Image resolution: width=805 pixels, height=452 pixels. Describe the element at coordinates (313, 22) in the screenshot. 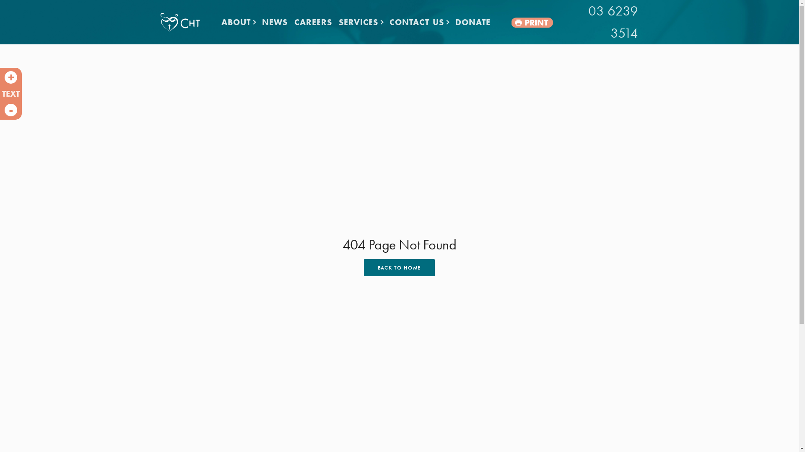

I see `'CAREERS'` at that location.